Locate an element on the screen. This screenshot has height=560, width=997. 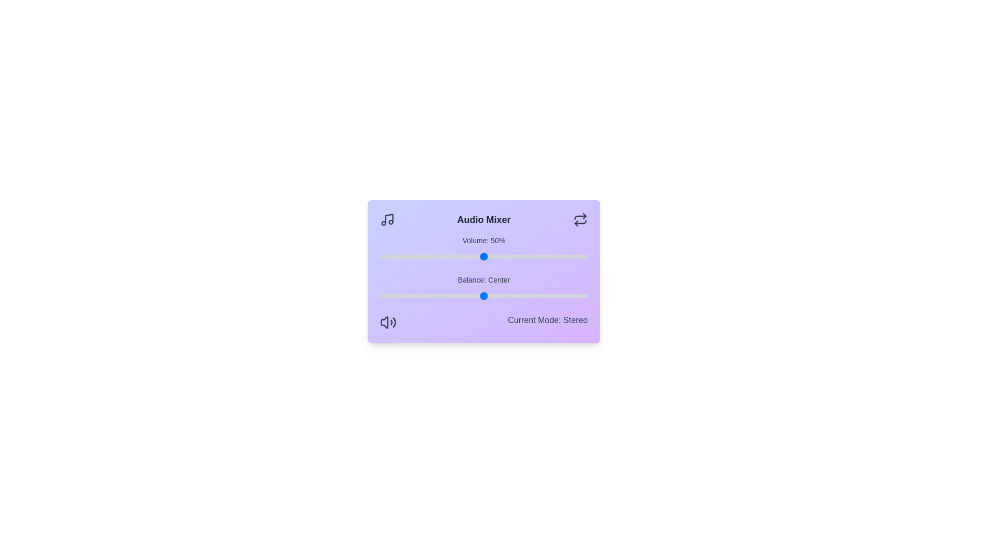
the volume to 42% is located at coordinates (467, 256).